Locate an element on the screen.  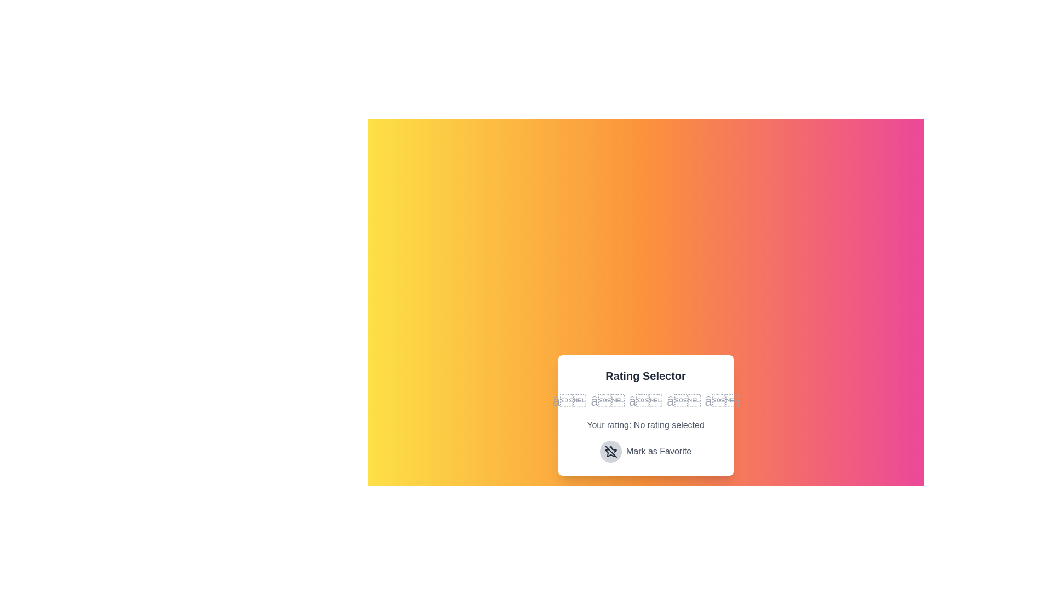
the Text Label that indicates the purpose of marking an item as a favorite, located to the right of the star icon within the card-like UI component is located at coordinates (658, 452).